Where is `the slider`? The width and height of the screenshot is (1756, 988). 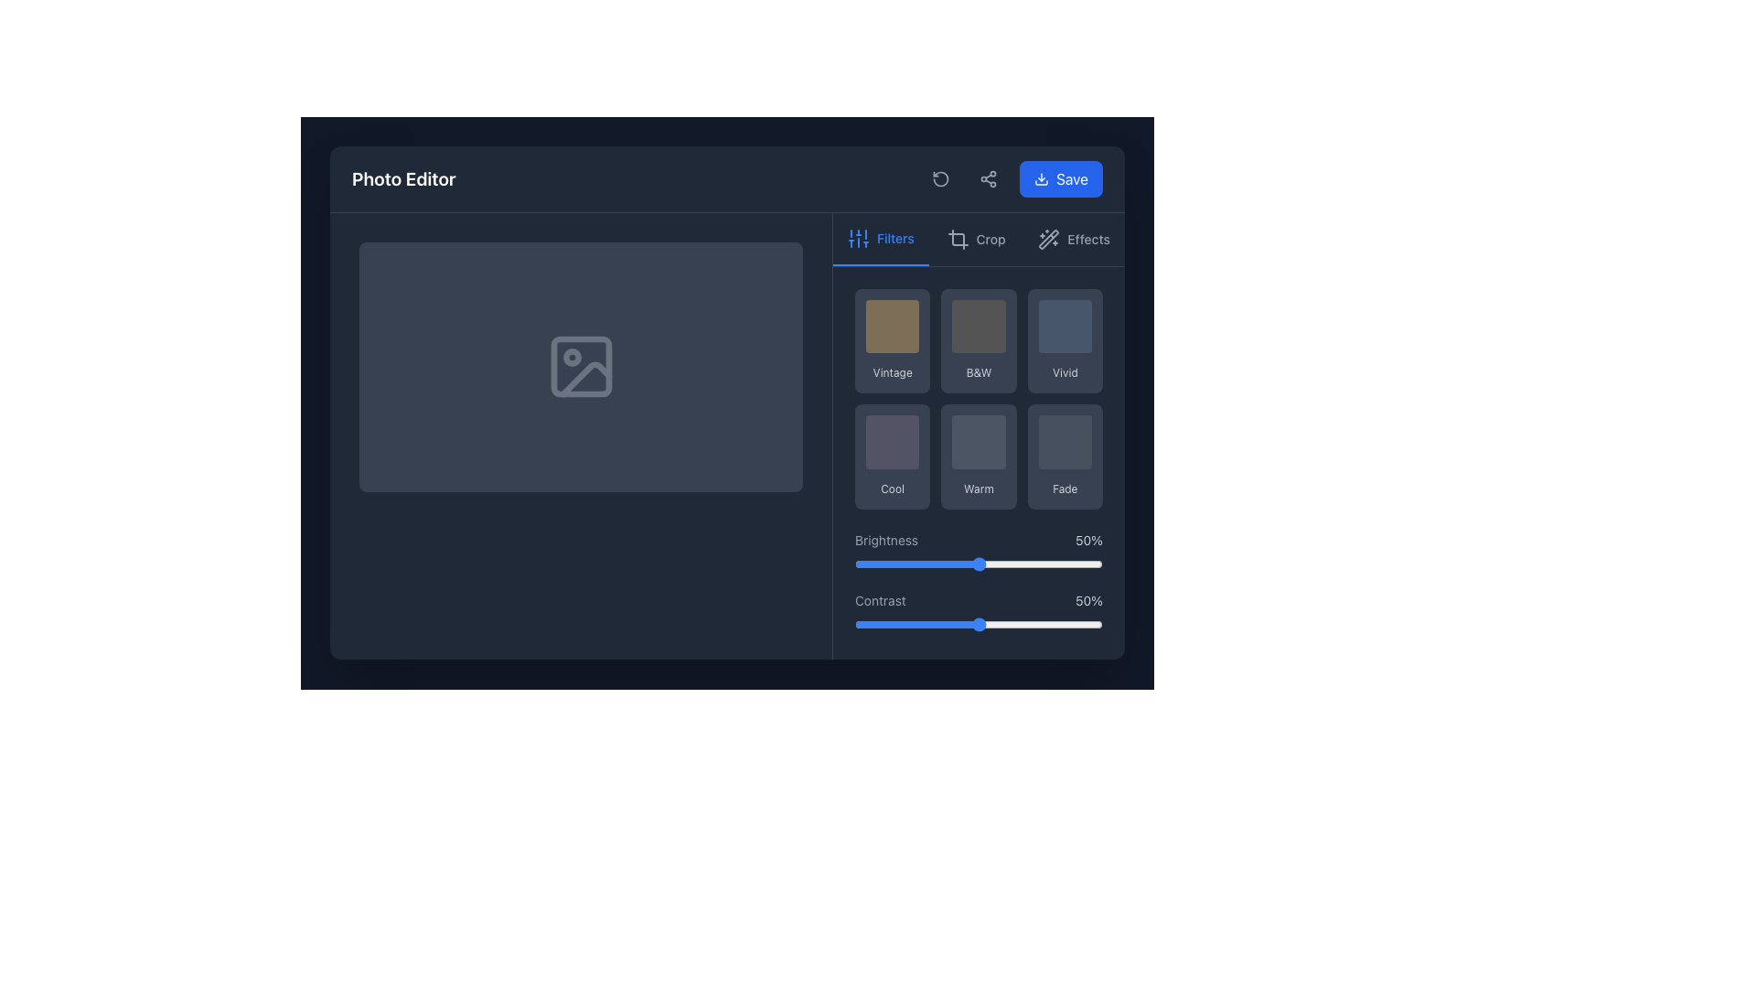 the slider is located at coordinates (970, 563).